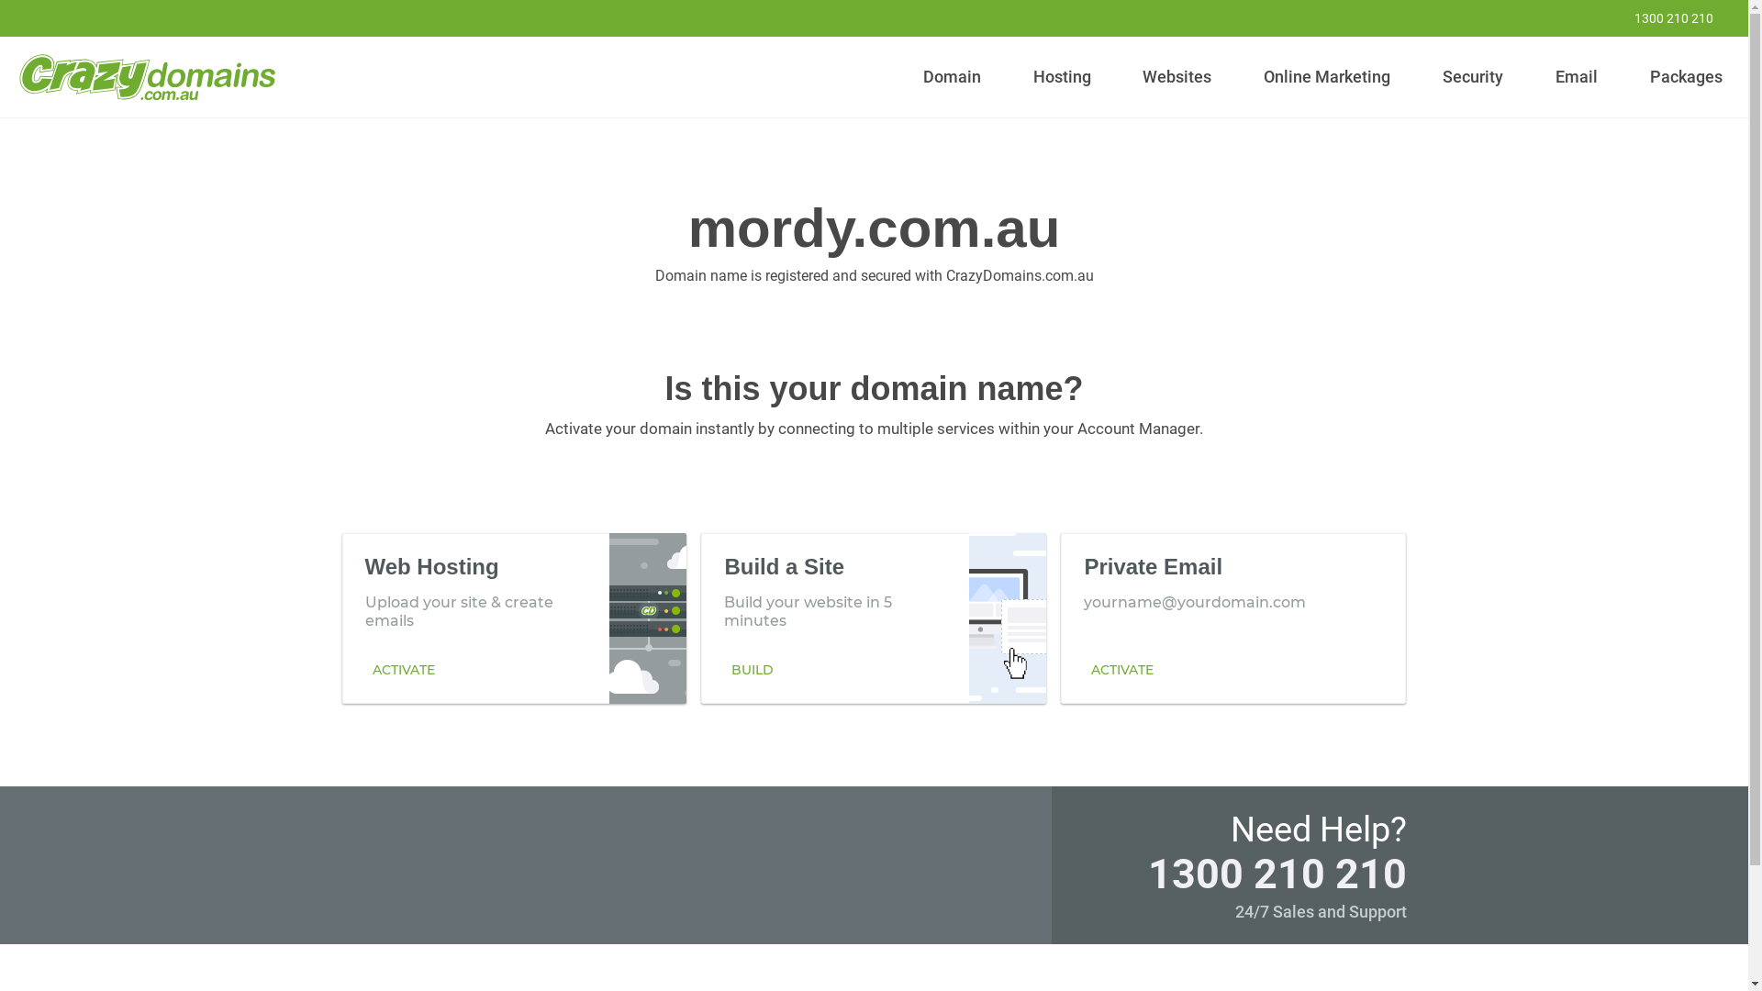  I want to click on '1300 210 210', so click(1276, 873).